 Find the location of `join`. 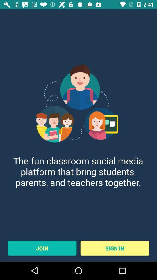

join is located at coordinates (42, 248).